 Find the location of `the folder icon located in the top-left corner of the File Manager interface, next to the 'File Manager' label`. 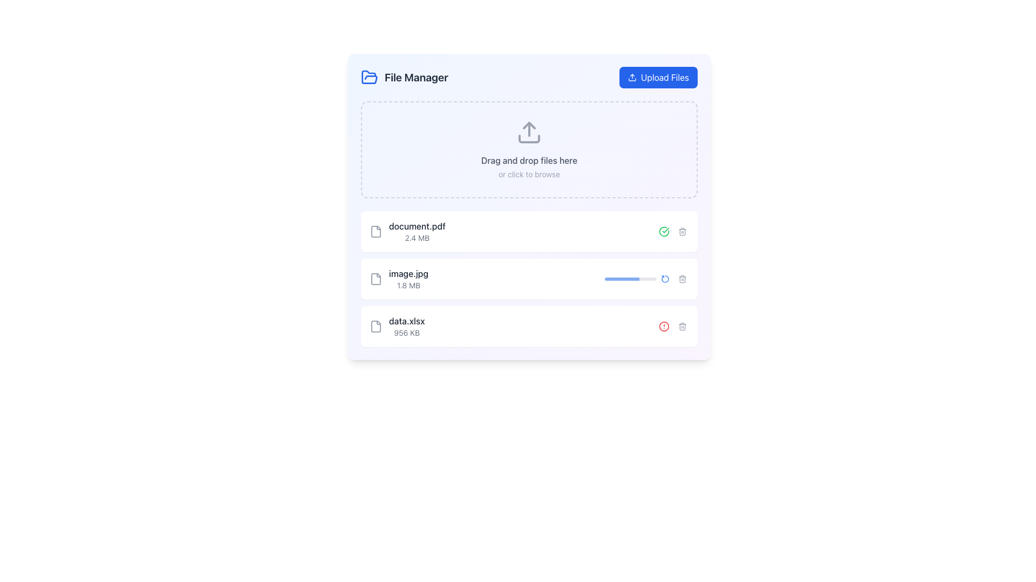

the folder icon located in the top-left corner of the File Manager interface, next to the 'File Manager' label is located at coordinates (370, 77).